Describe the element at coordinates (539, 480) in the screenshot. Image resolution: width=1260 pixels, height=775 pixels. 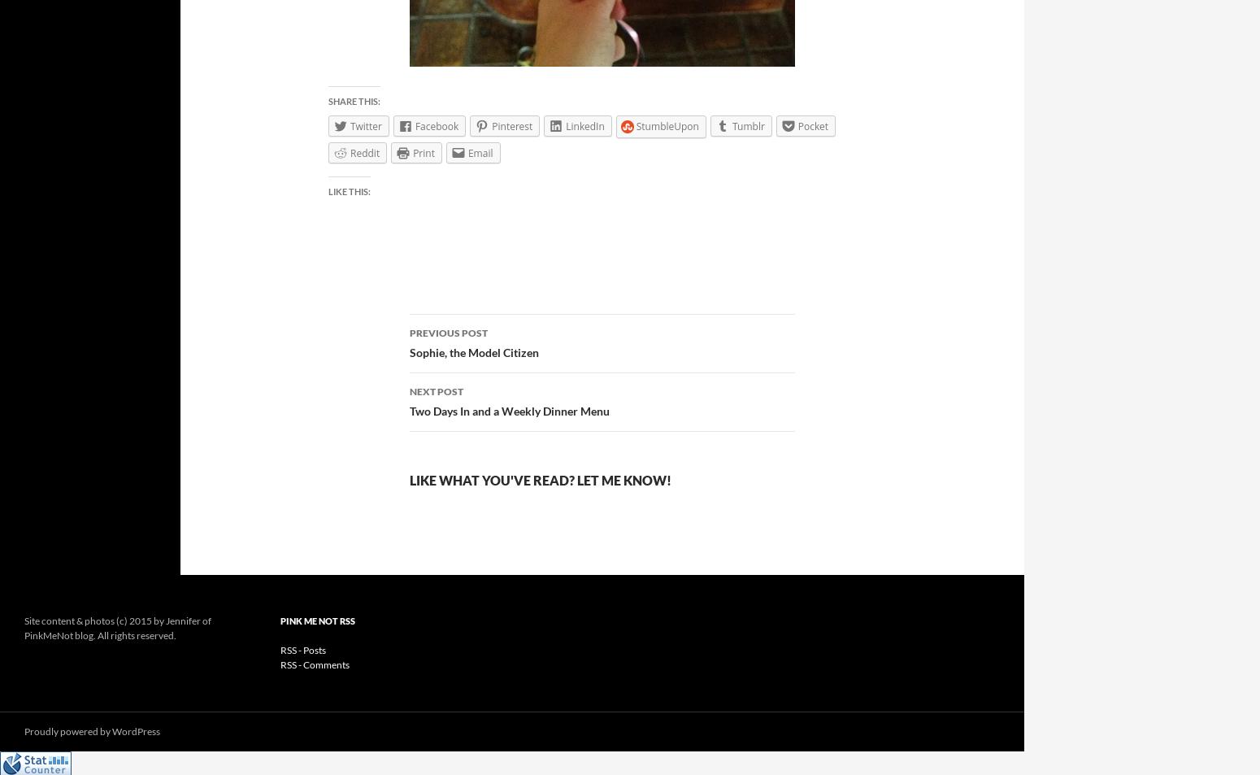
I see `'Like What You've Read? Let me know!'` at that location.